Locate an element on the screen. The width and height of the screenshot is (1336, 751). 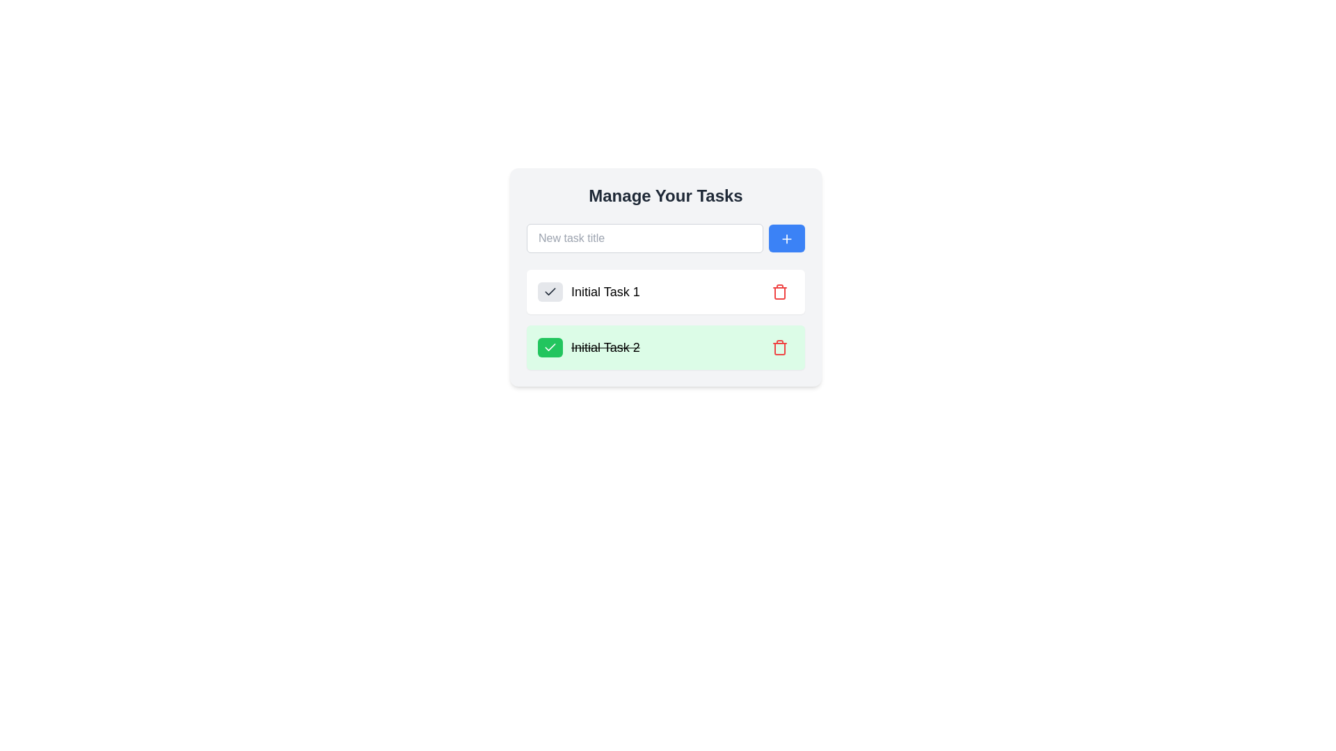
the text label that represents the title of a completed task, which is styled with a strikethrough and is centrally aligned within its row, situated between a checkmark icon and a delete icon is located at coordinates (605, 347).